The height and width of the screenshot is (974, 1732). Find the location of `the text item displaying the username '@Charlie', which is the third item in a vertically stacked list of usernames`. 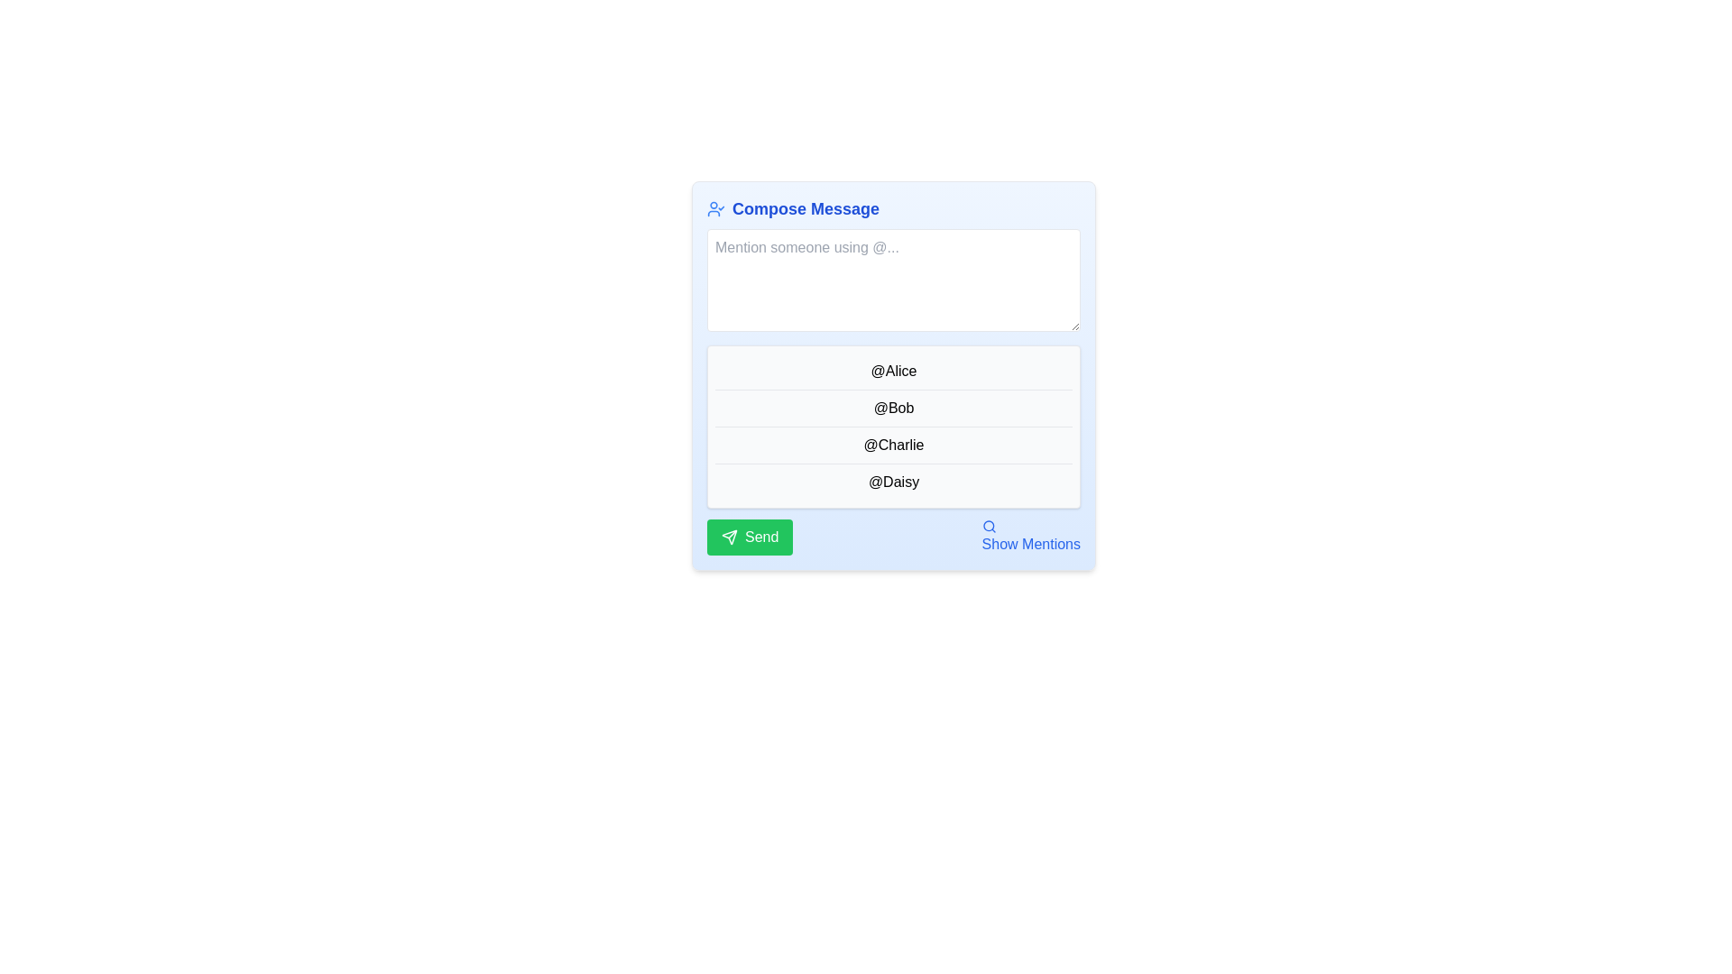

the text item displaying the username '@Charlie', which is the third item in a vertically stacked list of usernames is located at coordinates (893, 445).